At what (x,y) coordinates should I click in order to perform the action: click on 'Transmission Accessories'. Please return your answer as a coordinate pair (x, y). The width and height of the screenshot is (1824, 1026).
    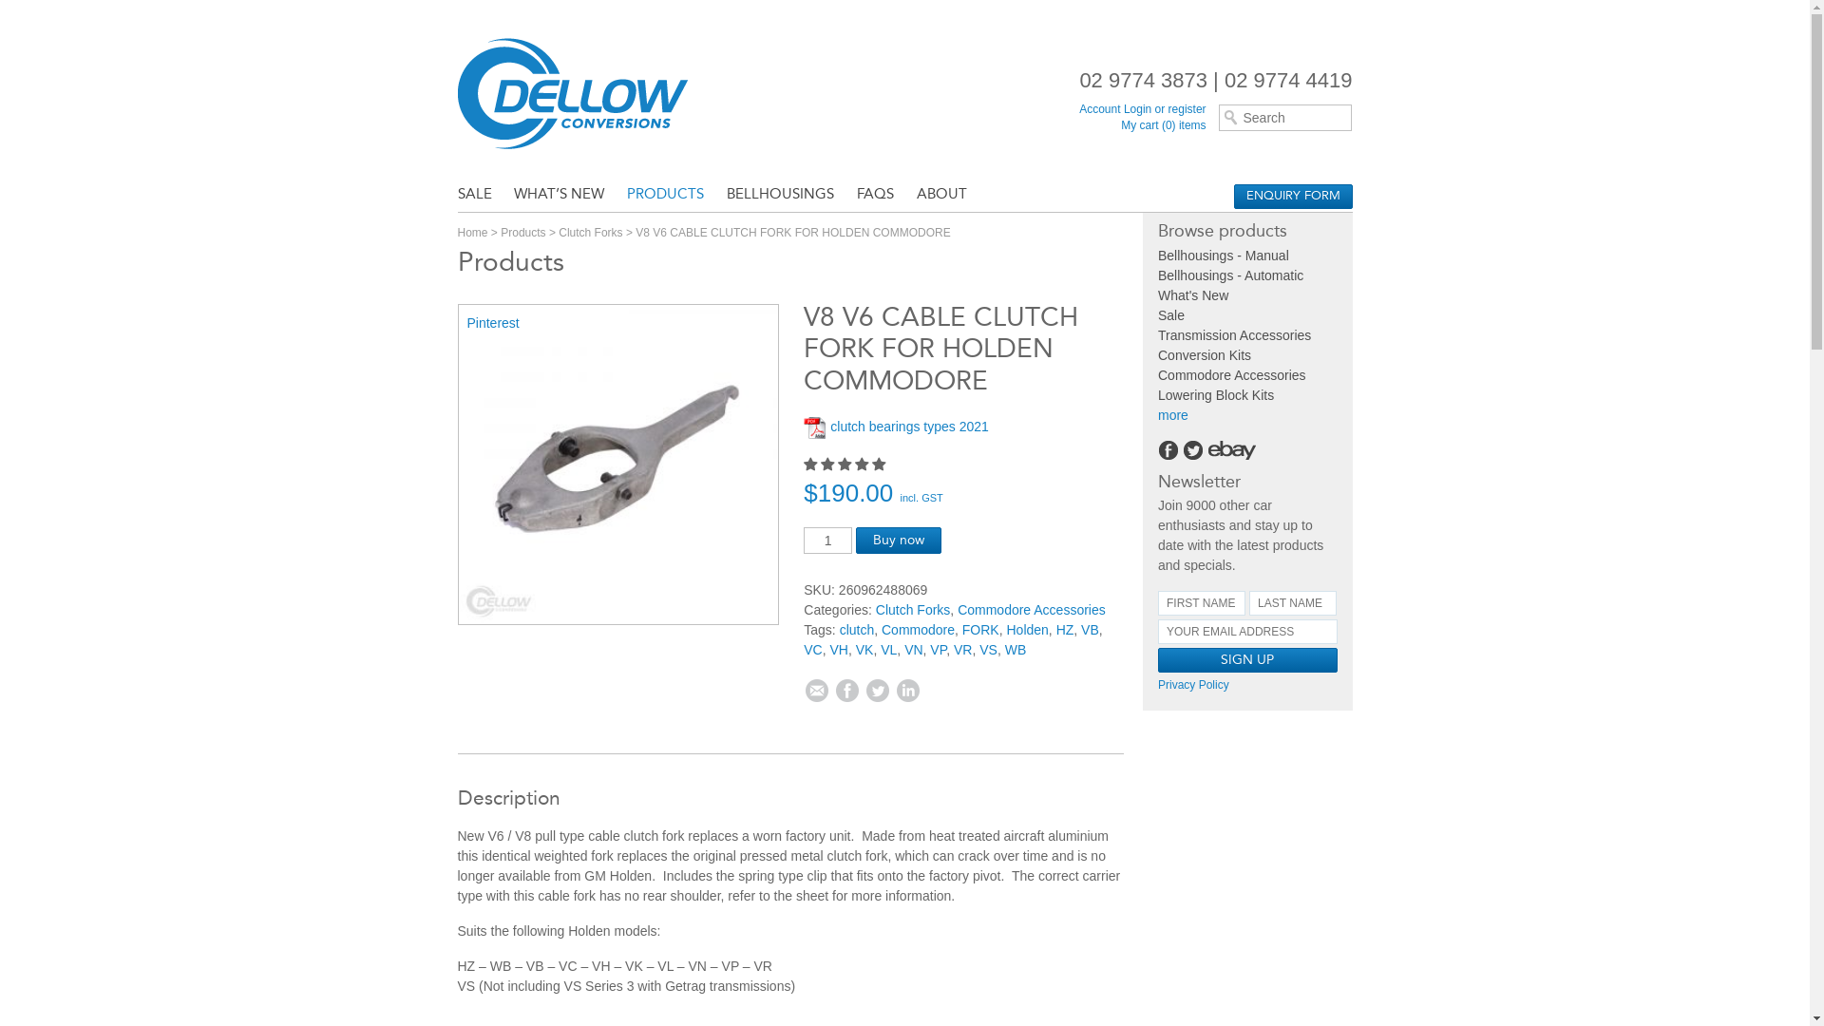
    Looking at the image, I should click on (1234, 334).